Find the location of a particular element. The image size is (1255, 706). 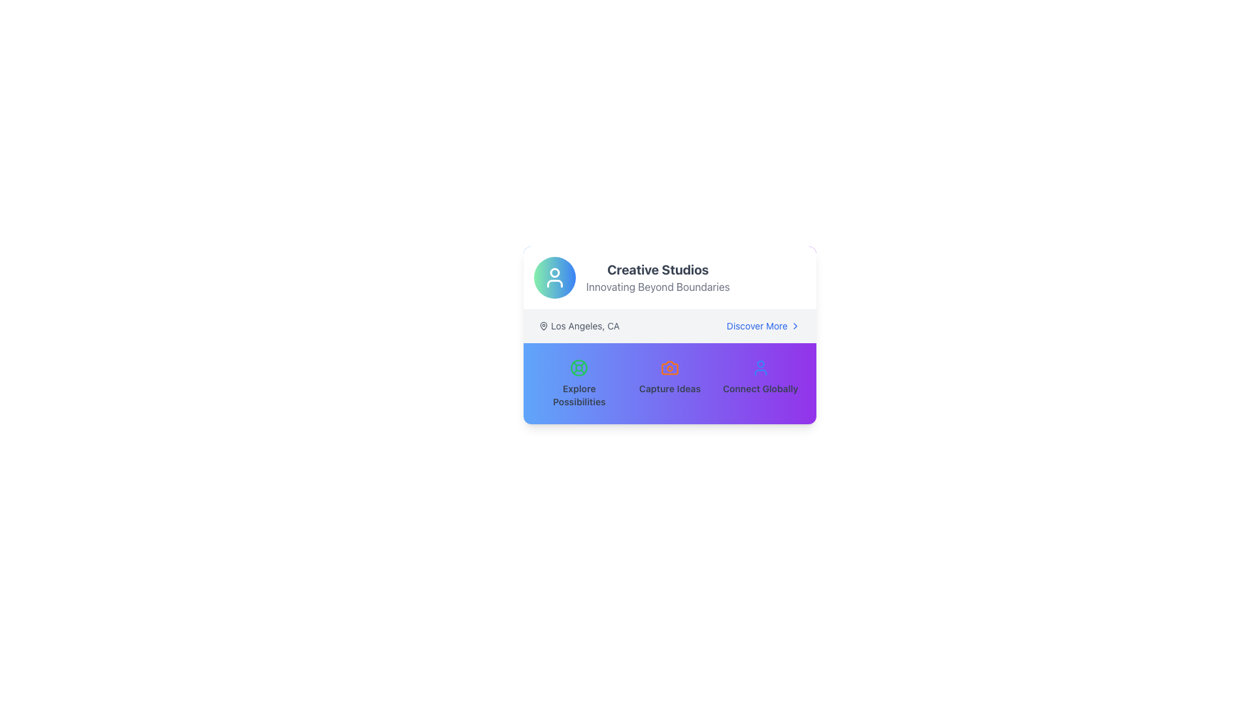

the Text Link with Icon located to the right of 'Los Angeles, CA' is located at coordinates (763, 325).